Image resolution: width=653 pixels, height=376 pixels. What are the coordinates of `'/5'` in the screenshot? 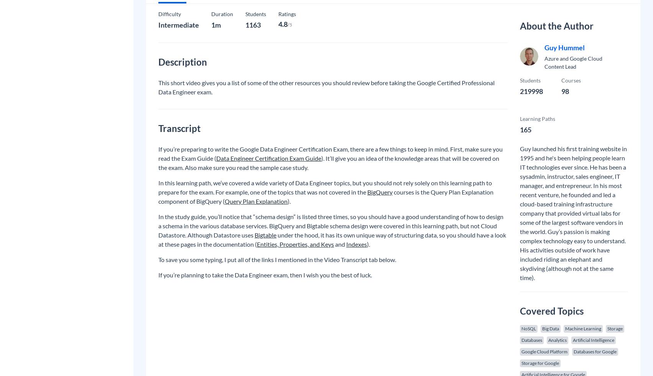 It's located at (288, 25).